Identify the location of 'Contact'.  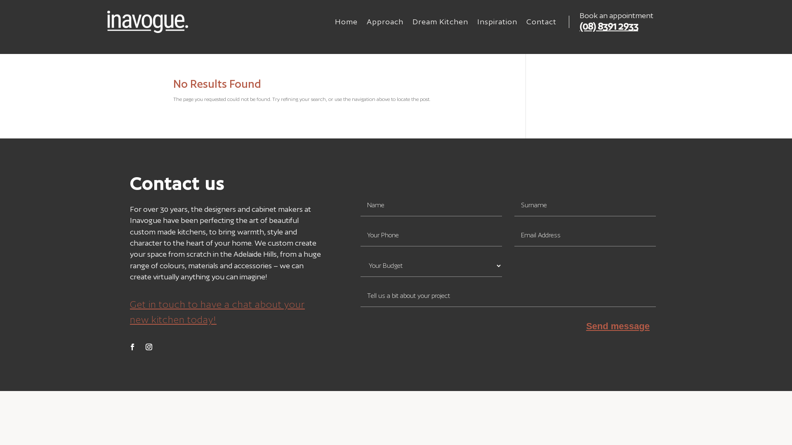
(526, 23).